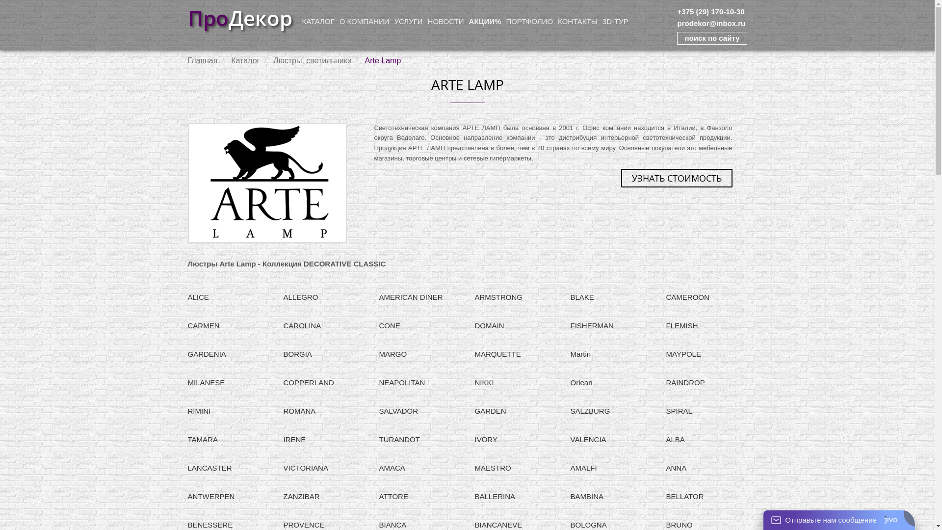 This screenshot has height=530, width=942. Describe the element at coordinates (266, 183) in the screenshot. I see `'Arte Lamp'` at that location.